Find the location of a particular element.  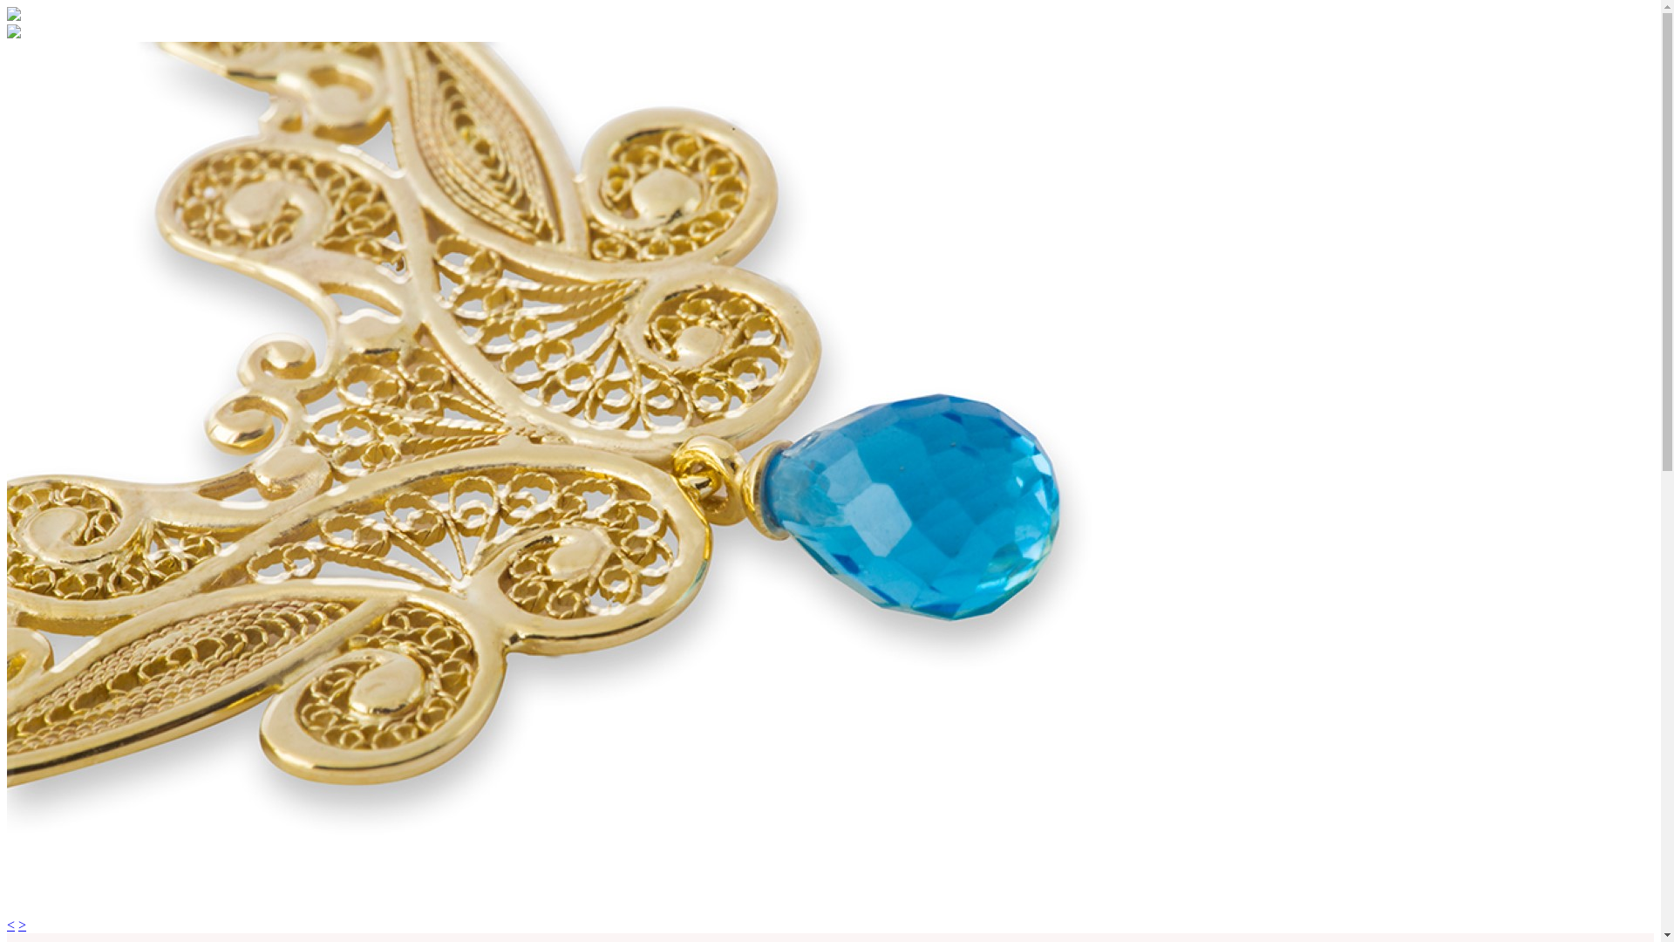

'<' is located at coordinates (7, 924).